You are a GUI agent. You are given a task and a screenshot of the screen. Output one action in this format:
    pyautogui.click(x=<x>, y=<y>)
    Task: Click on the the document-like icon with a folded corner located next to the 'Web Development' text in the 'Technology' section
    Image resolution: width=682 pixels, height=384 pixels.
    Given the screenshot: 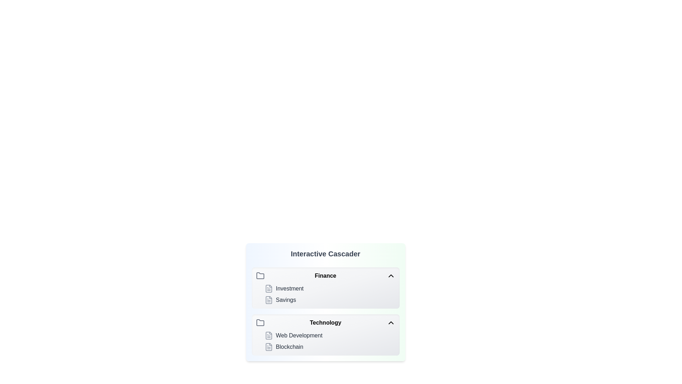 What is the action you would take?
    pyautogui.click(x=268, y=336)
    